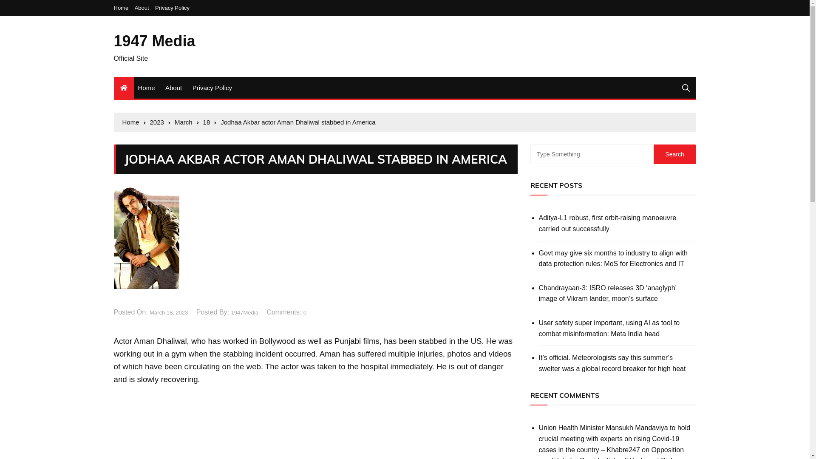 The height and width of the screenshot is (459, 816). Describe the element at coordinates (674, 154) in the screenshot. I see `'Search'` at that location.